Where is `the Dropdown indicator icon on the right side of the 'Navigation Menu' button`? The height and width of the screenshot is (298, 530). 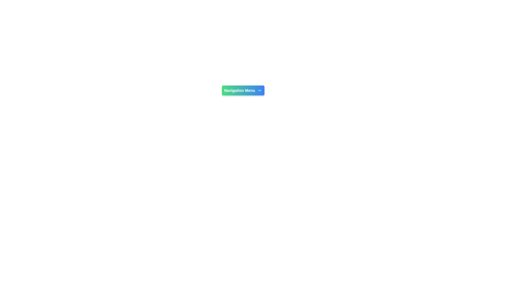 the Dropdown indicator icon on the right side of the 'Navigation Menu' button is located at coordinates (259, 90).